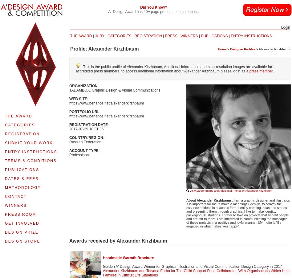 The width and height of the screenshot is (292, 278). Describe the element at coordinates (22, 241) in the screenshot. I see `'DESIGN STORE'` at that location.